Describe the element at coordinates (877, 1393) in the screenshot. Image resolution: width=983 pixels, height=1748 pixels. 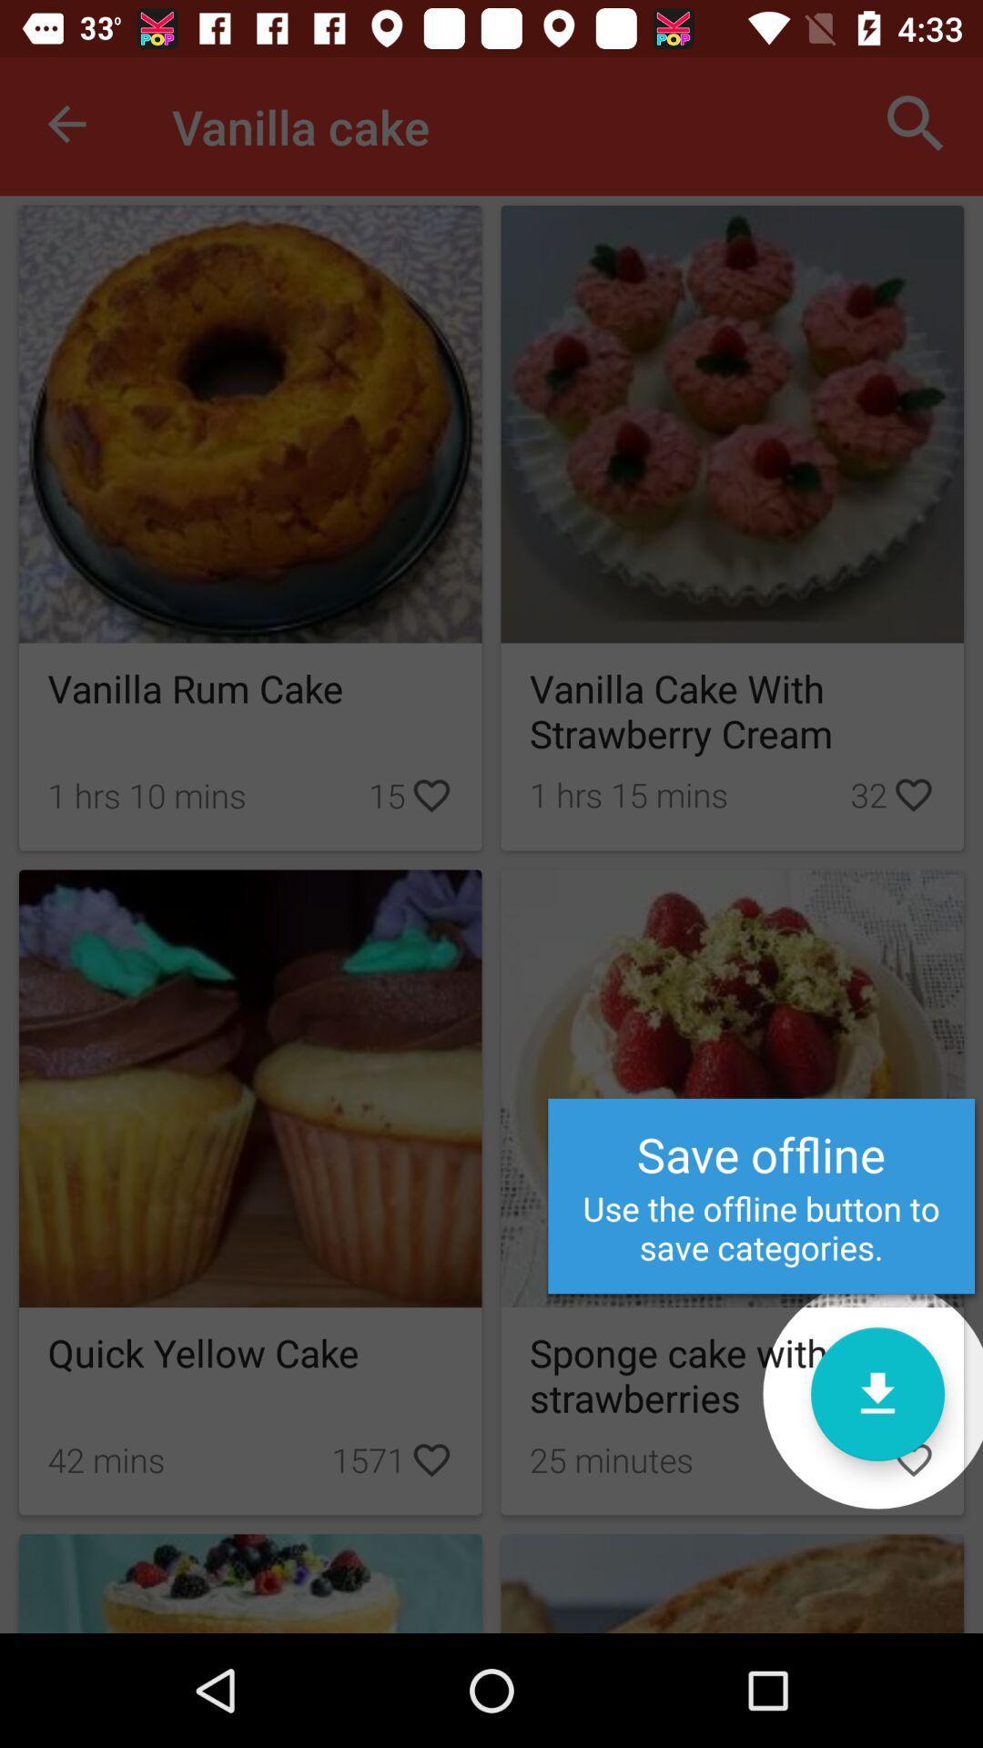
I see `offline categories` at that location.